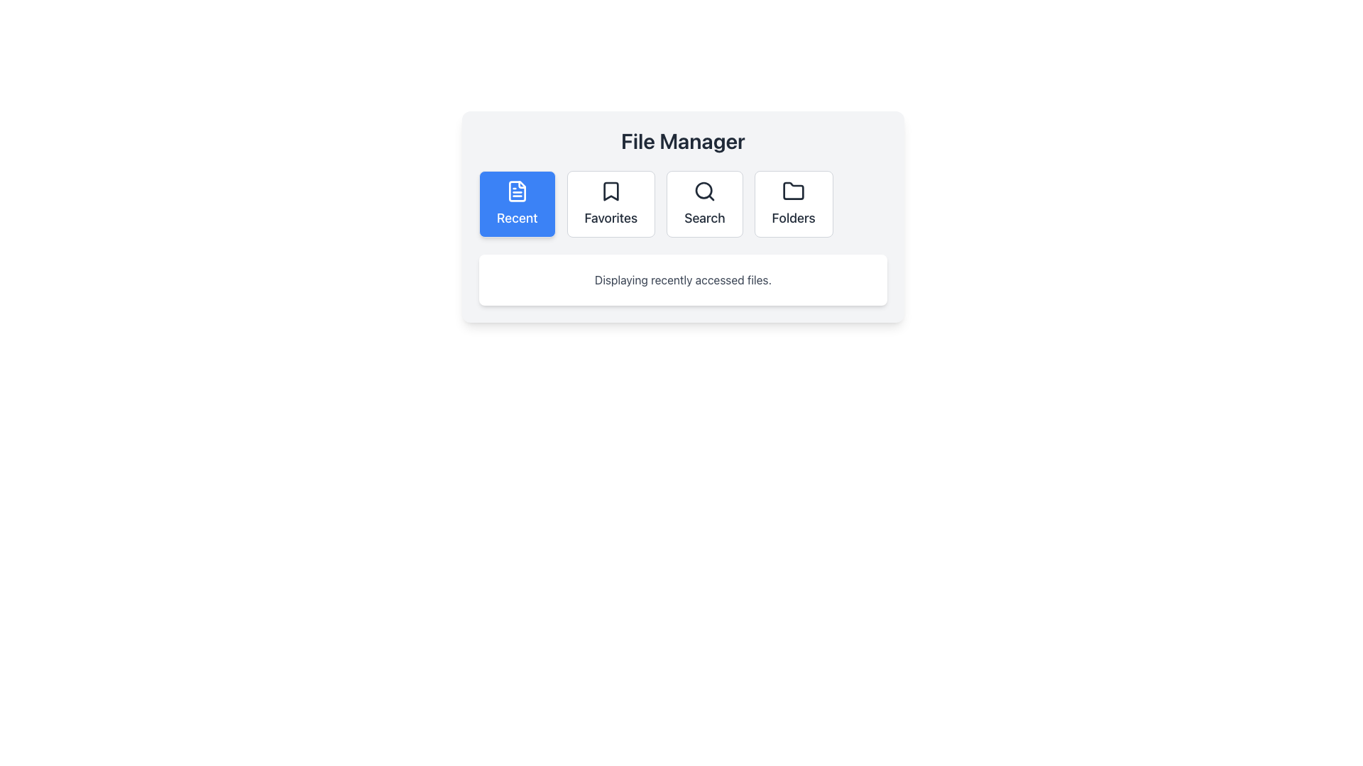 The width and height of the screenshot is (1363, 766). What do you see at coordinates (704, 191) in the screenshot?
I see `the search icon, which is a minimalist black outline of a magnifying glass located within a rounded square white button, the third button in a row of four options` at bounding box center [704, 191].